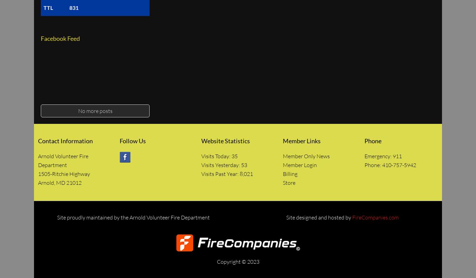 The image size is (476, 278). What do you see at coordinates (63, 160) in the screenshot?
I see `'Arnold Volunteer Fire Department'` at bounding box center [63, 160].